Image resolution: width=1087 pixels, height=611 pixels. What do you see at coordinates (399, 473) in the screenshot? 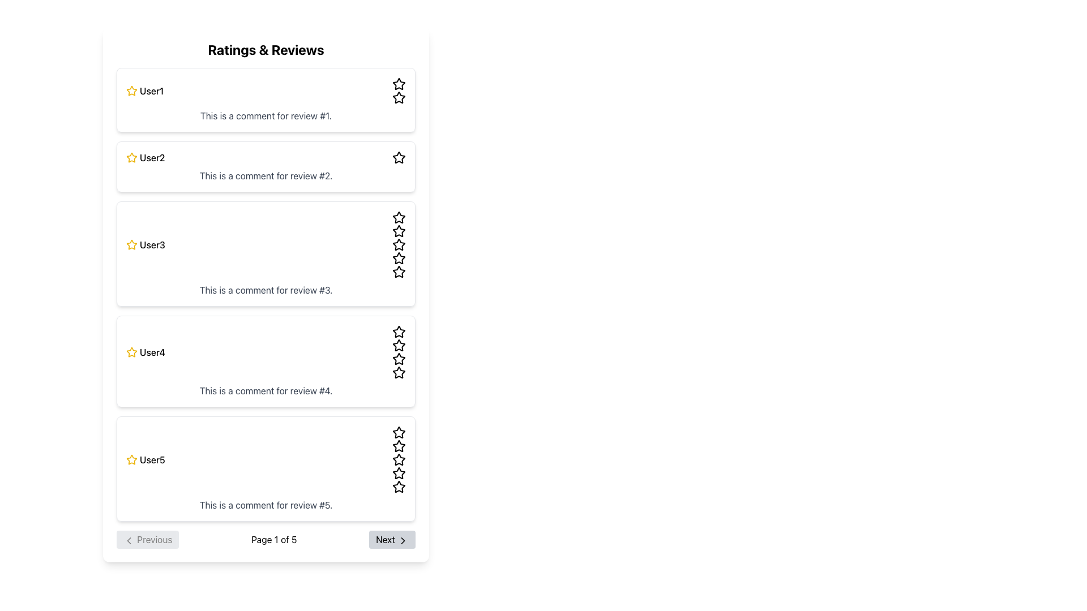
I see `the fourth star icon in the horizontal row of rating stars for User5's review` at bounding box center [399, 473].